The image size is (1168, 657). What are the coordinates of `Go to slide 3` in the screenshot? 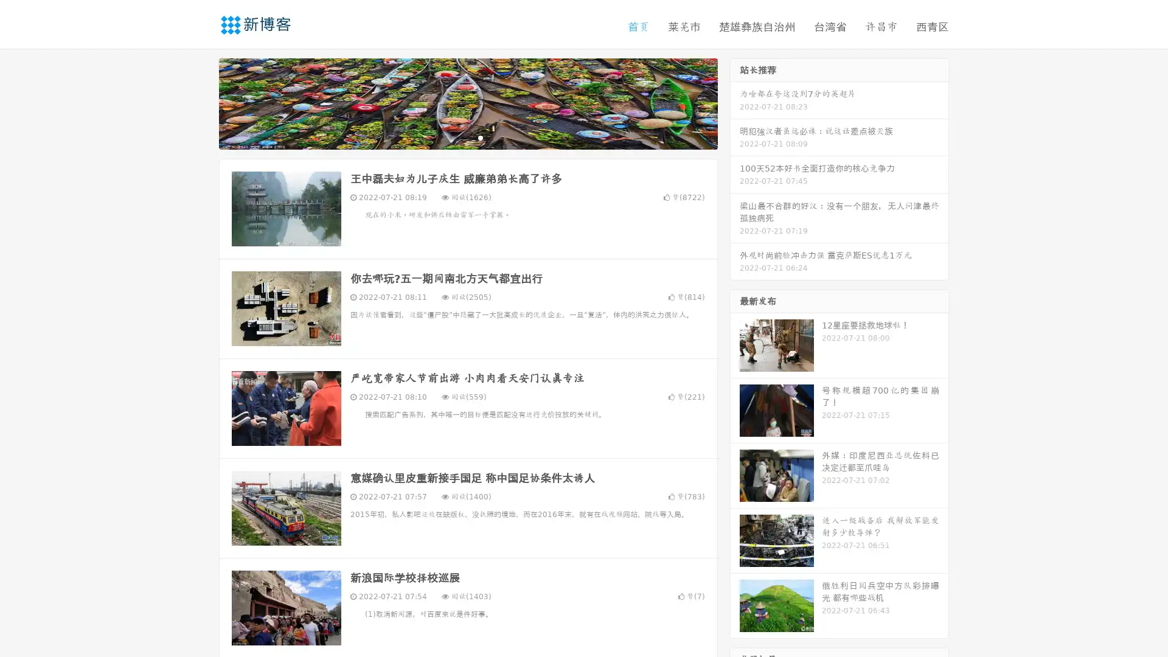 It's located at (480, 137).